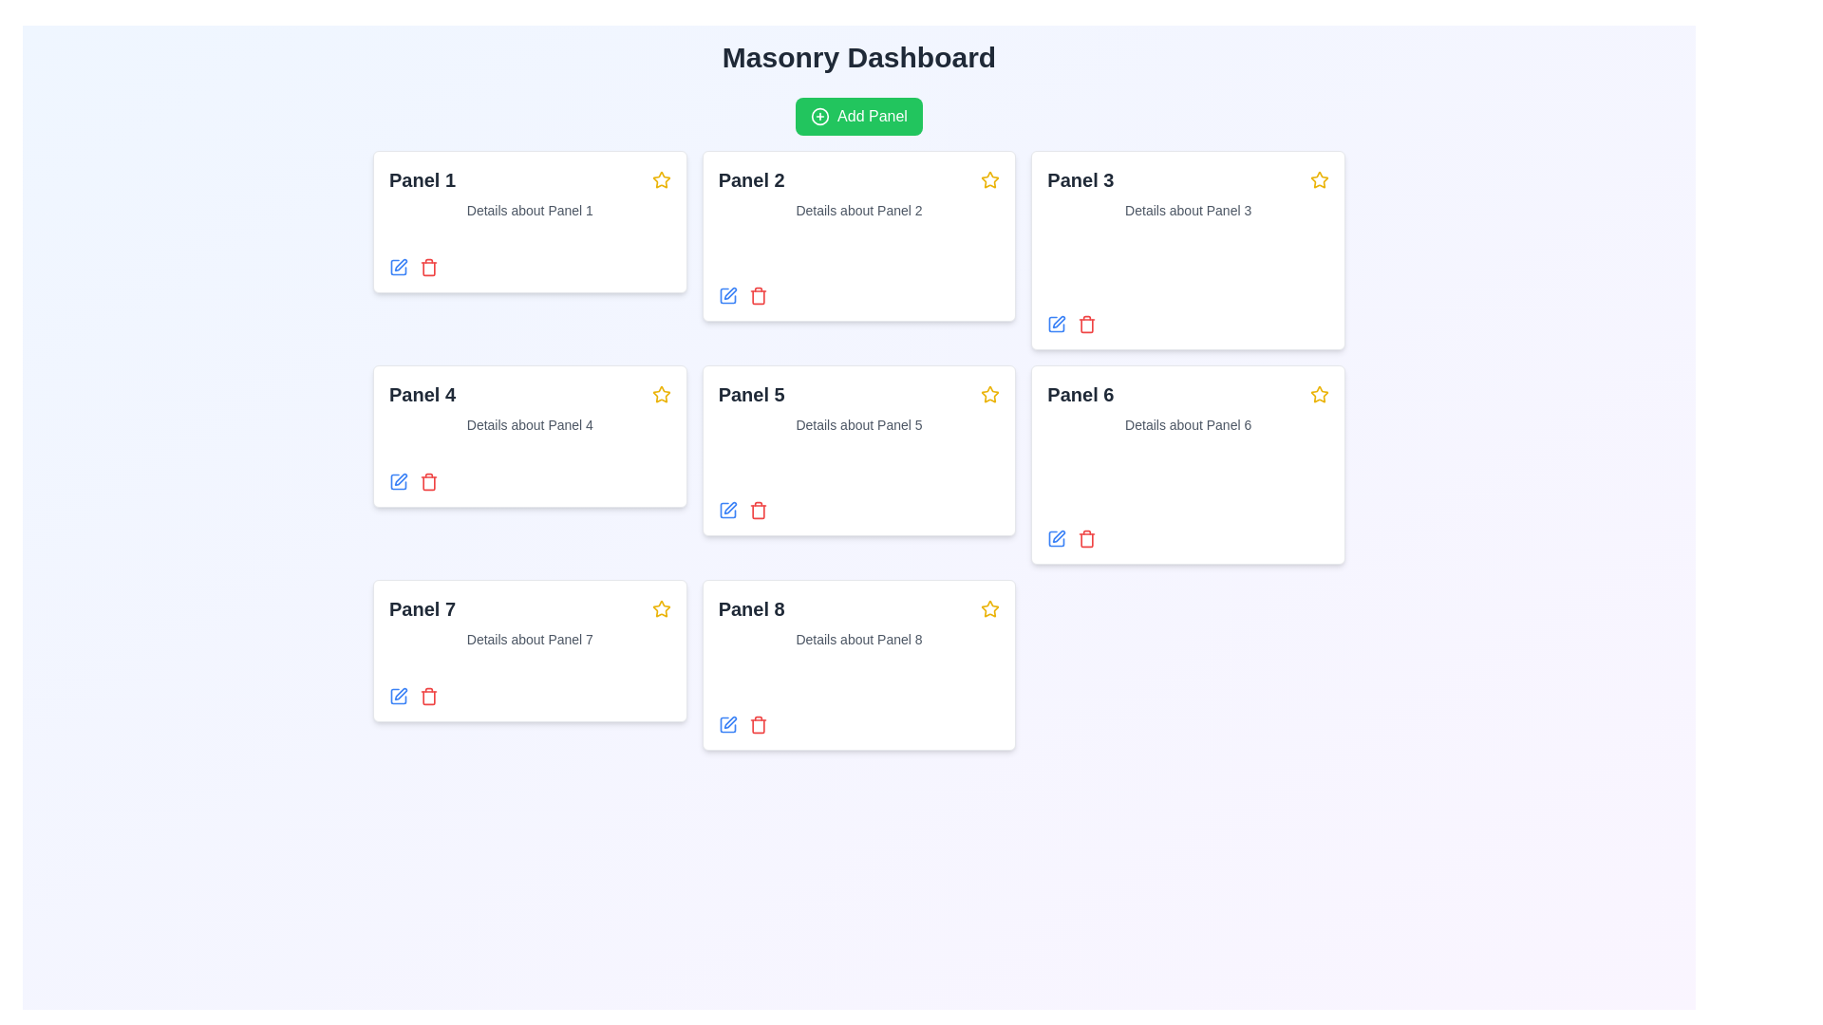 The width and height of the screenshot is (1823, 1025). Describe the element at coordinates (858, 117) in the screenshot. I see `the green rectangular button with rounded corners labeled 'Add Panel'` at that location.